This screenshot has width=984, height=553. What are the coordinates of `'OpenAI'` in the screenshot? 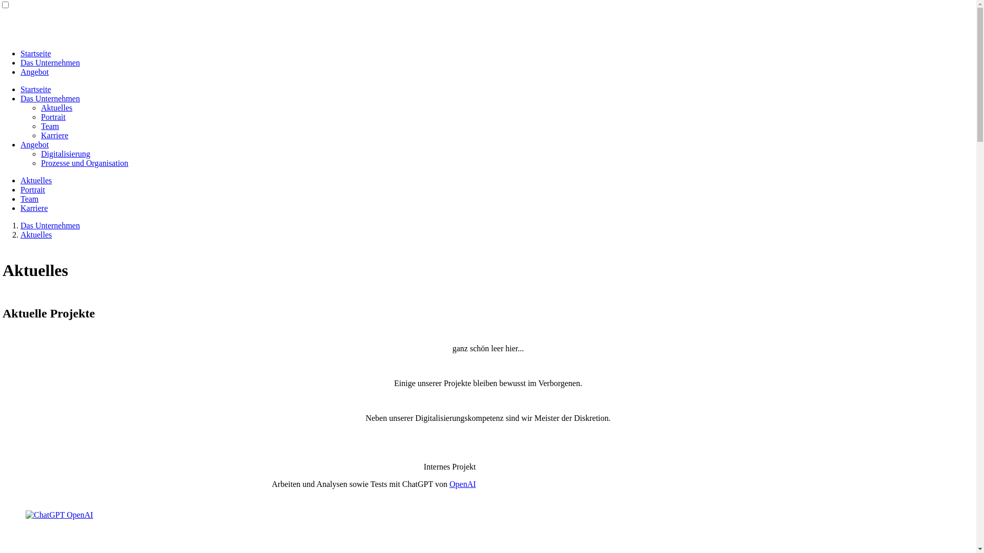 It's located at (449, 484).